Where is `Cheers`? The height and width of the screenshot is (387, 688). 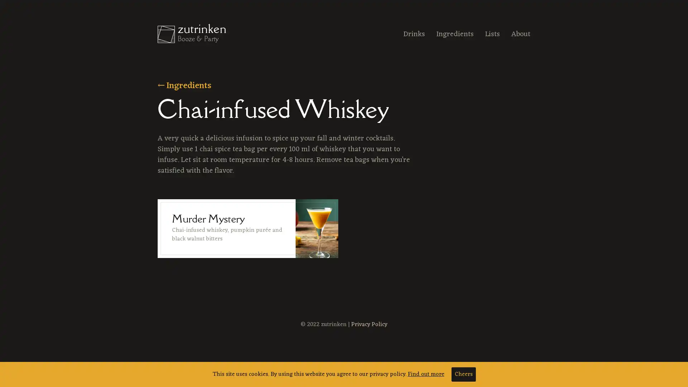 Cheers is located at coordinates (463, 374).